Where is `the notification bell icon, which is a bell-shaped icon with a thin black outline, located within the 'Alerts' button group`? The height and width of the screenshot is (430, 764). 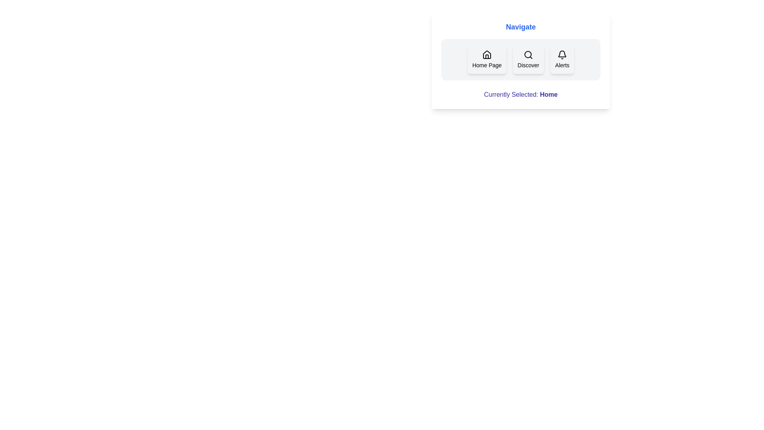
the notification bell icon, which is a bell-shaped icon with a thin black outline, located within the 'Alerts' button group is located at coordinates (562, 55).